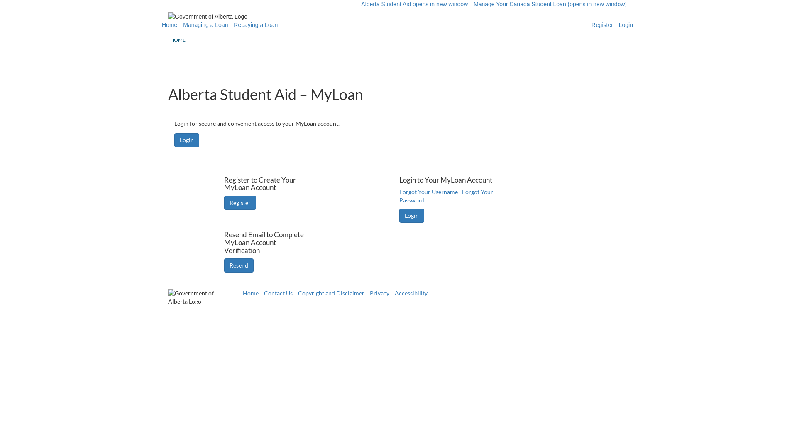  What do you see at coordinates (379, 292) in the screenshot?
I see `'Privacy'` at bounding box center [379, 292].